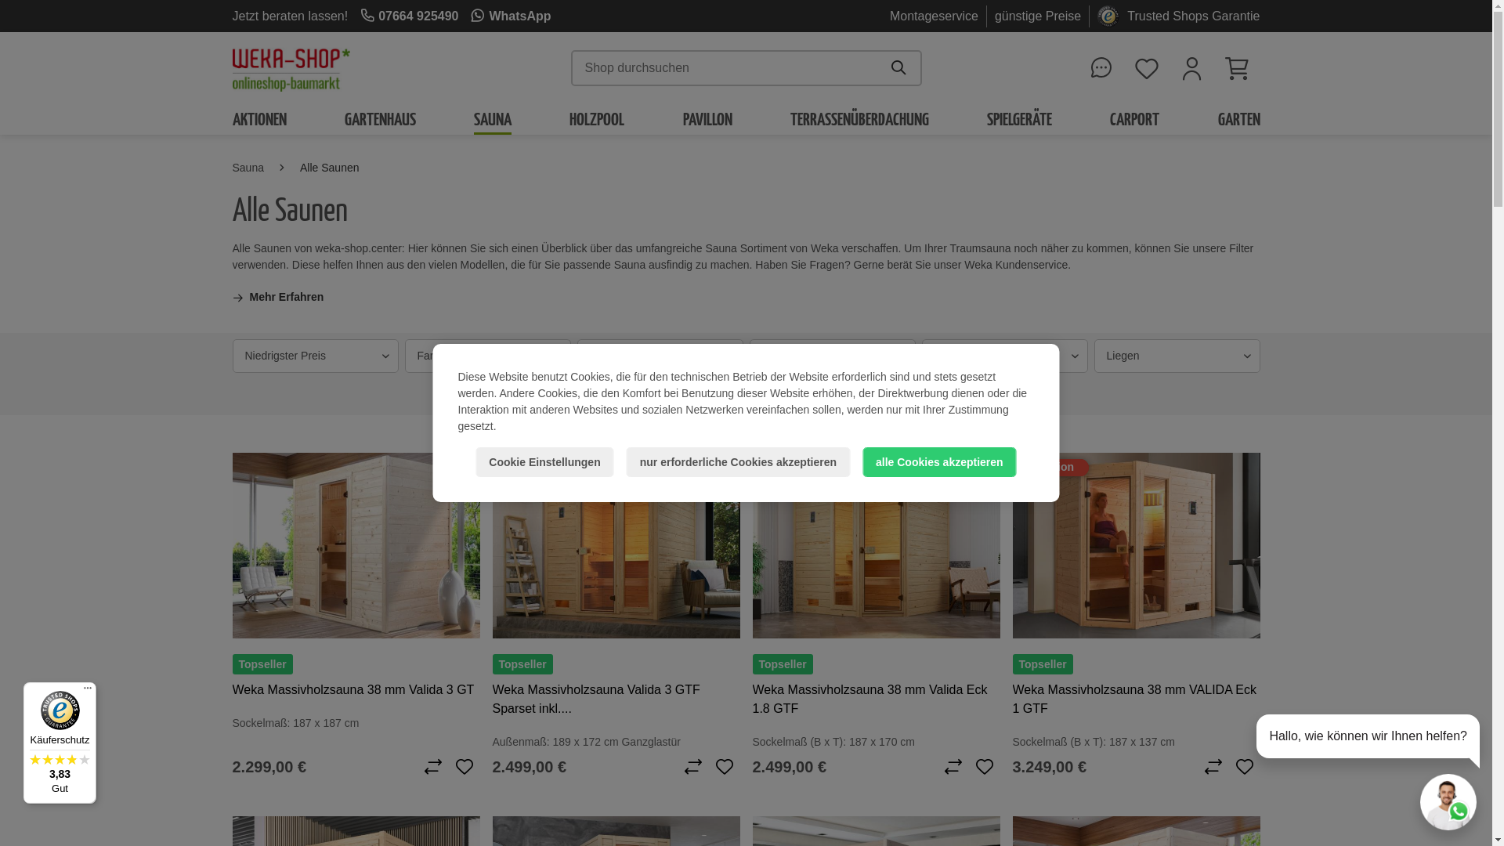 The width and height of the screenshot is (1504, 846). Describe the element at coordinates (258, 117) in the screenshot. I see `'AKTIONEN'` at that location.